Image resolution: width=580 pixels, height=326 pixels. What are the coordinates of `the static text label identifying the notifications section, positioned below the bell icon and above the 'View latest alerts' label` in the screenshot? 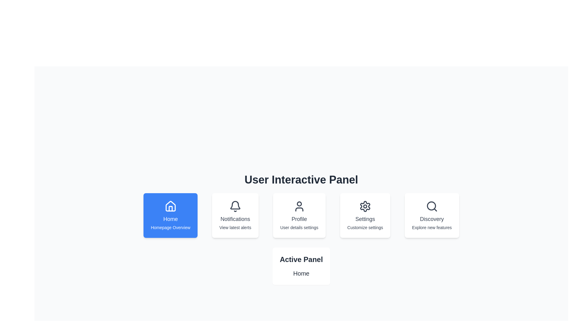 It's located at (235, 219).